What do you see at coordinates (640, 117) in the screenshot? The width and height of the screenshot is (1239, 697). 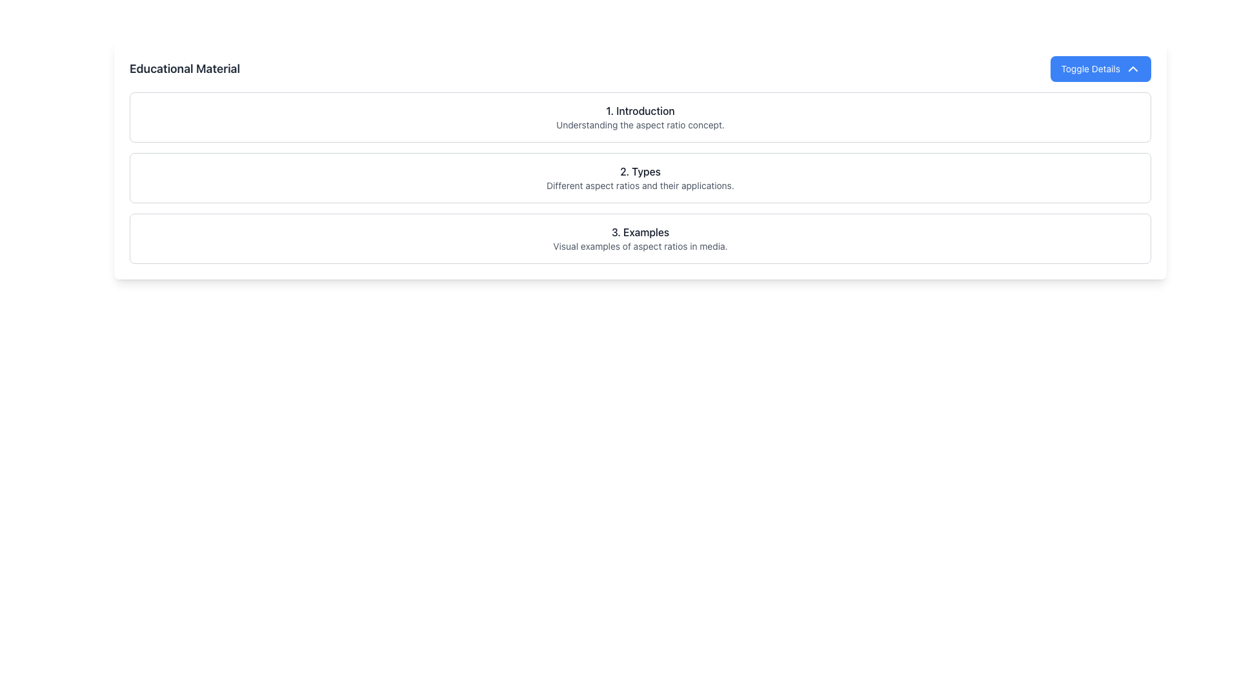 I see `the 'Introduction' text heading which serves as the header for understanding the aspect ratio concept, located at the top of the list of sections` at bounding box center [640, 117].